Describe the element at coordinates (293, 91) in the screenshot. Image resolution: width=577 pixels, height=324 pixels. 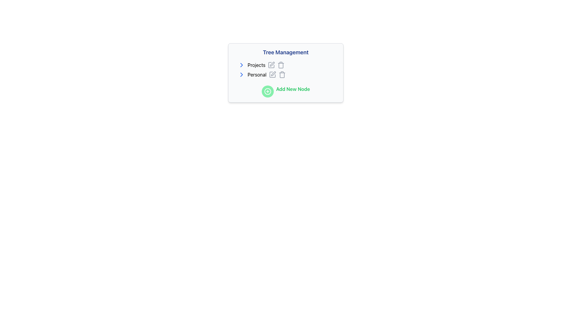
I see `the text label reading 'Add New Node' styled with a green font color and bold typeface` at that location.